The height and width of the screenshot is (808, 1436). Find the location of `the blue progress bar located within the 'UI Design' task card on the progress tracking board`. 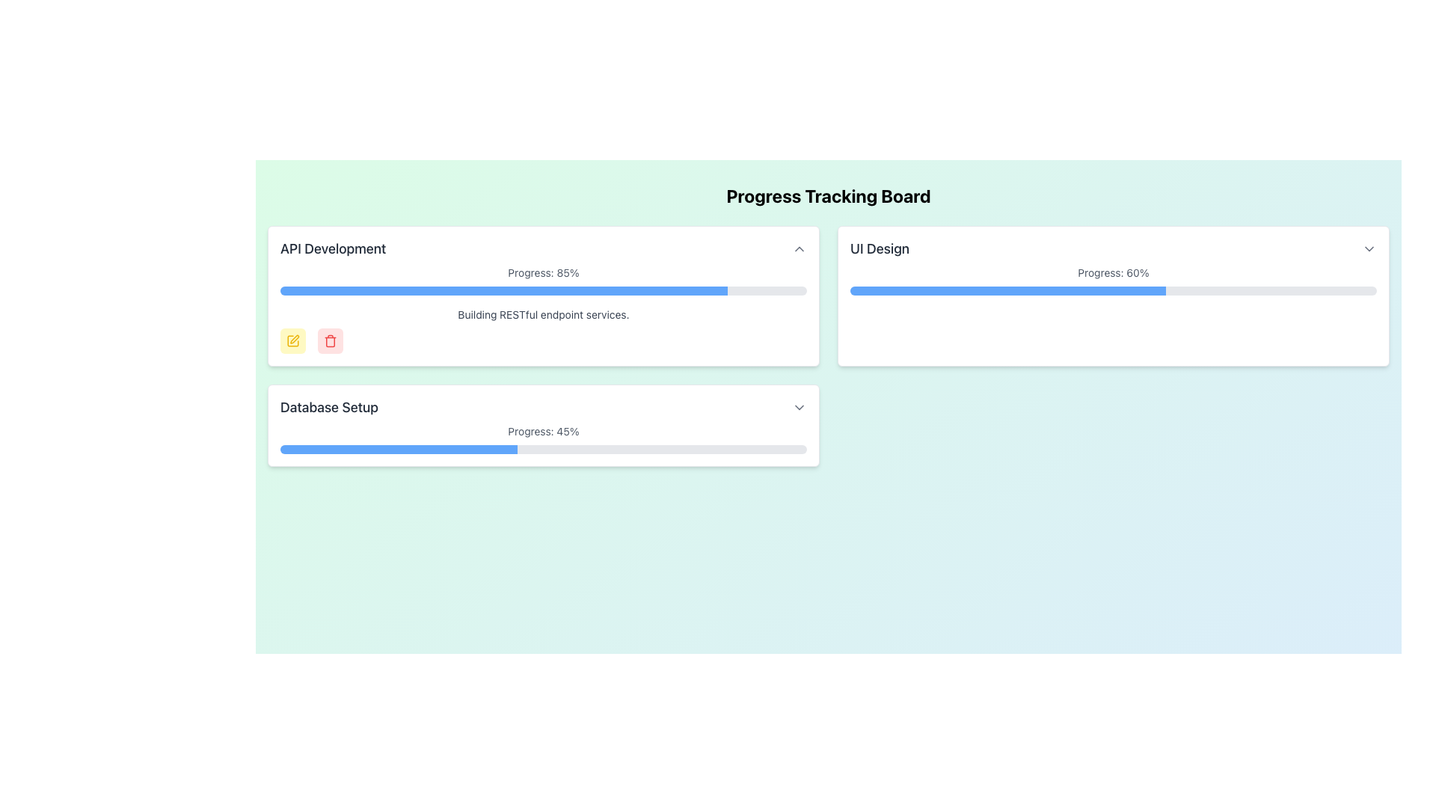

the blue progress bar located within the 'UI Design' task card on the progress tracking board is located at coordinates (1008, 291).